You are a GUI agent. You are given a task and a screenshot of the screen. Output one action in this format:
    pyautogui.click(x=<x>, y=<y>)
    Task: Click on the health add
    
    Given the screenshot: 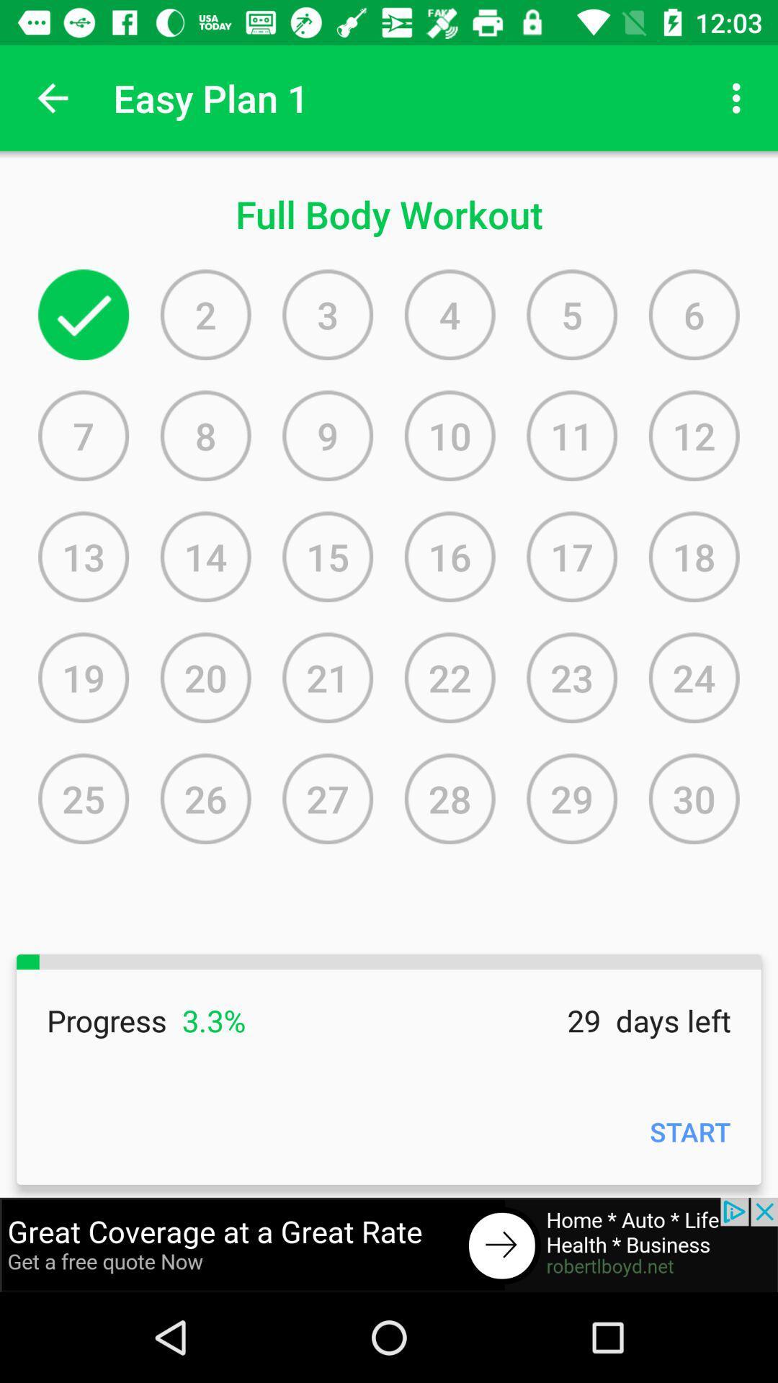 What is the action you would take?
    pyautogui.click(x=389, y=1244)
    